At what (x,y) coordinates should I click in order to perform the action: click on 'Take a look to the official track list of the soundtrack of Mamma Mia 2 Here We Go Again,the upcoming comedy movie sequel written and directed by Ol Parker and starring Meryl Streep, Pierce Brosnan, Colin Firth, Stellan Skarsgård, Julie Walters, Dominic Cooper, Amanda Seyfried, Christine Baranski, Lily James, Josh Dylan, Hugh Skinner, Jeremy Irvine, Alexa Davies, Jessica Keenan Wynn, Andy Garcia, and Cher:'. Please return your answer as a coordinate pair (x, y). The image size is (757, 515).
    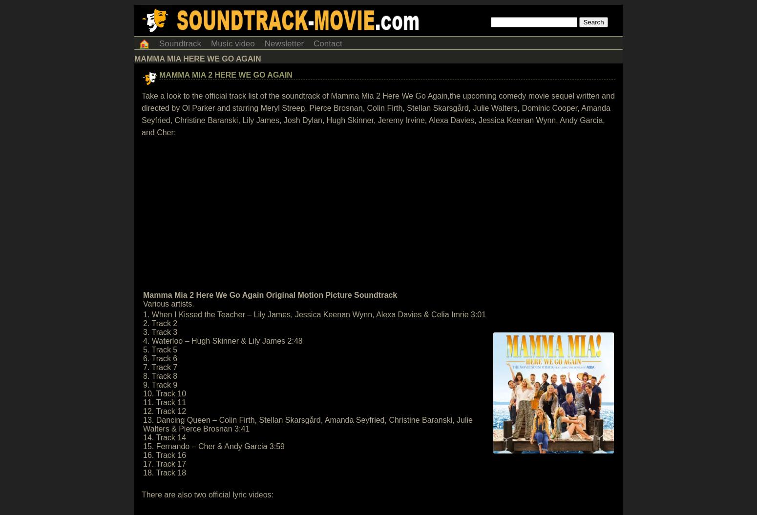
    Looking at the image, I should click on (378, 113).